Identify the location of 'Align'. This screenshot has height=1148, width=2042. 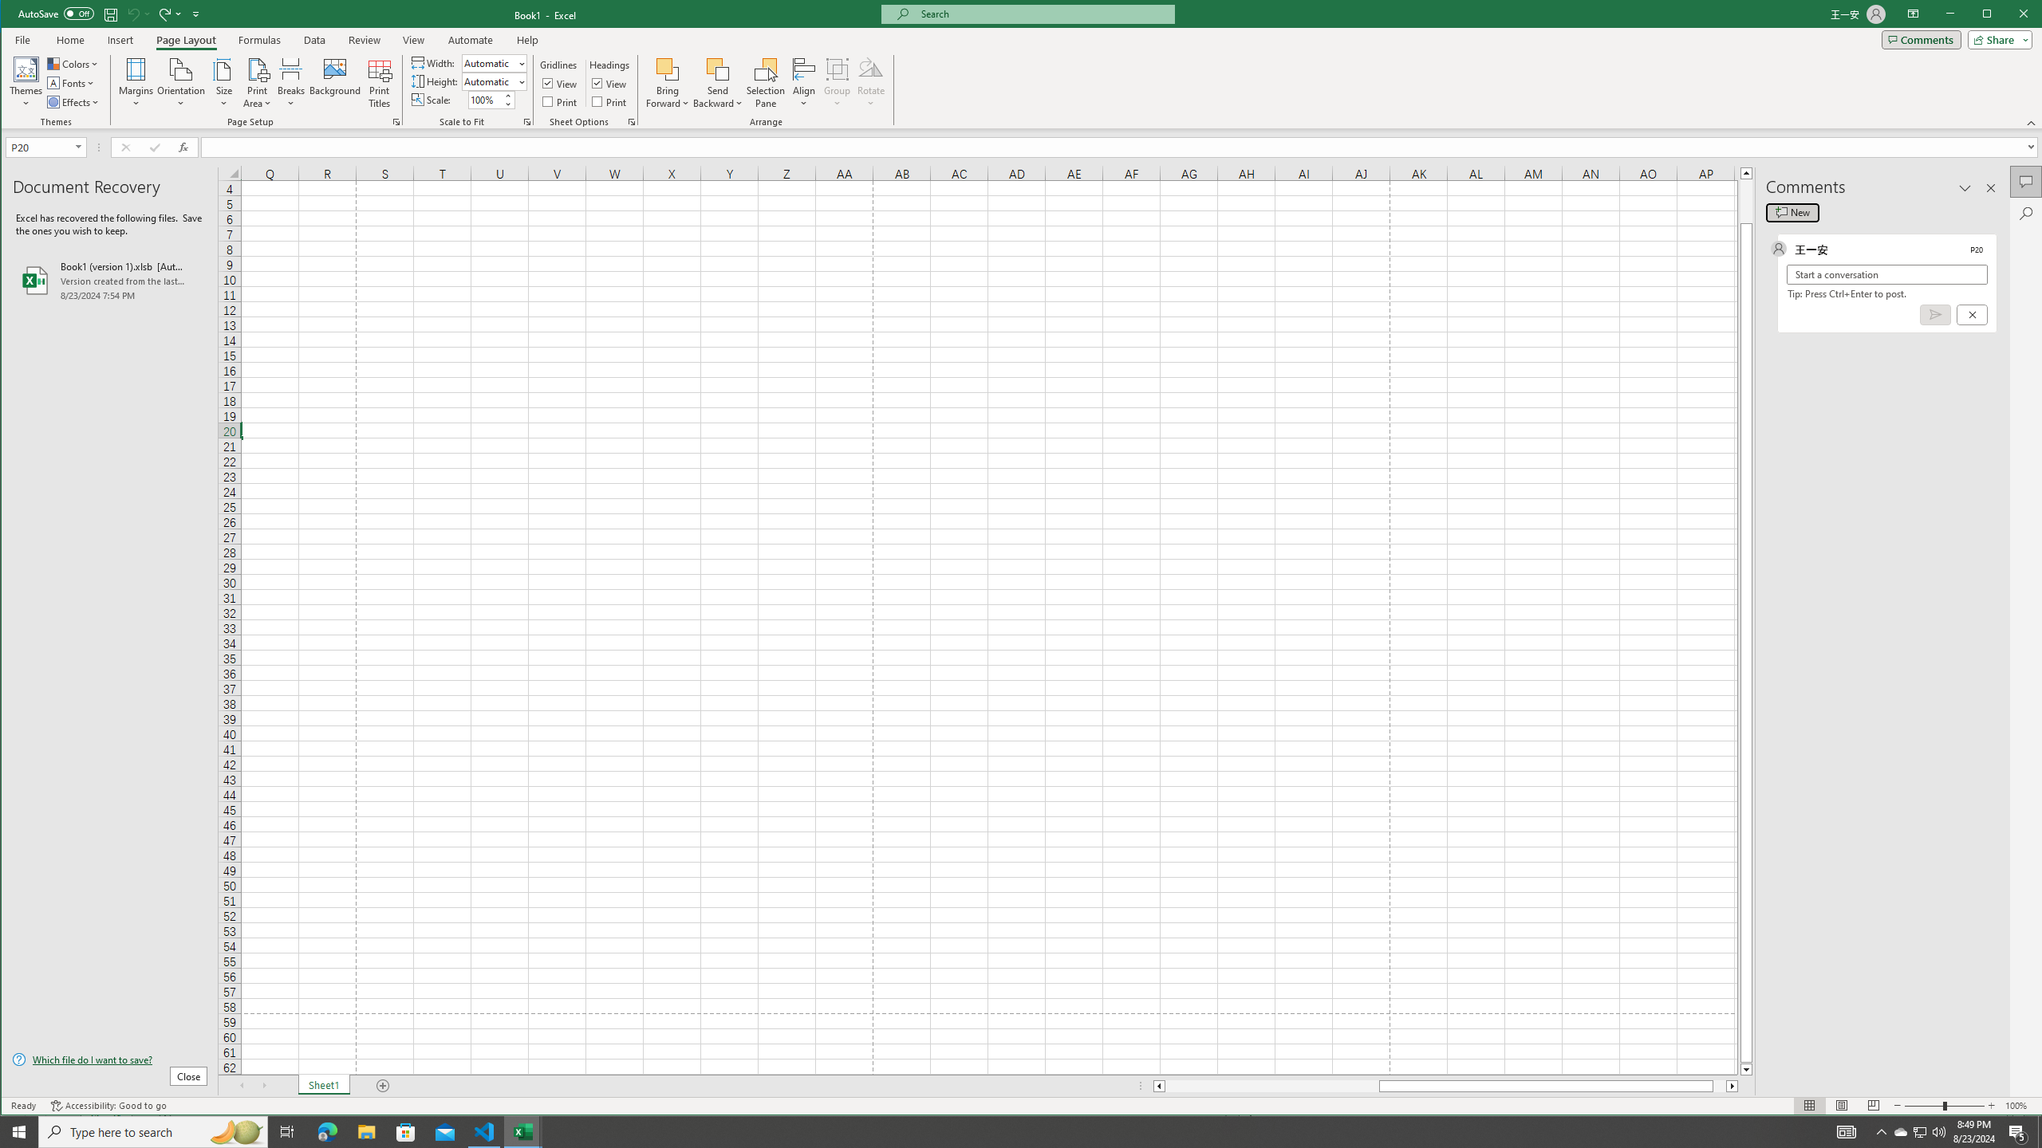
(803, 82).